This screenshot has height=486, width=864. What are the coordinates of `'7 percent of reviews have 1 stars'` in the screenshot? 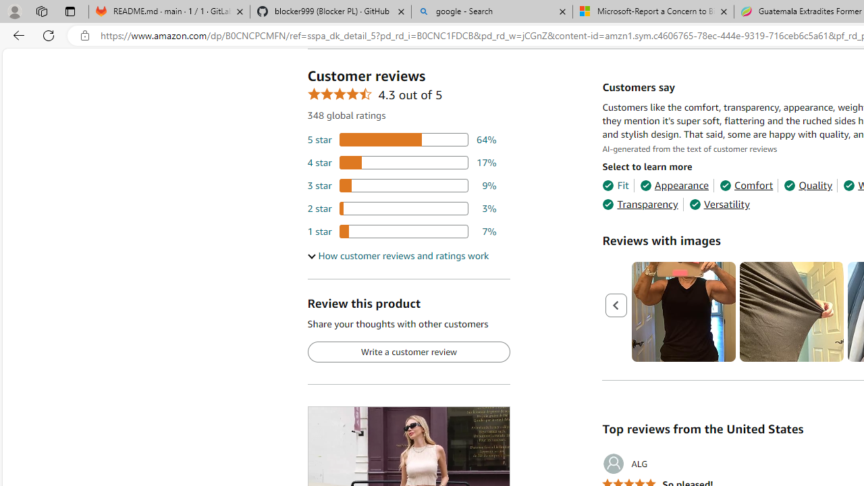 It's located at (401, 231).